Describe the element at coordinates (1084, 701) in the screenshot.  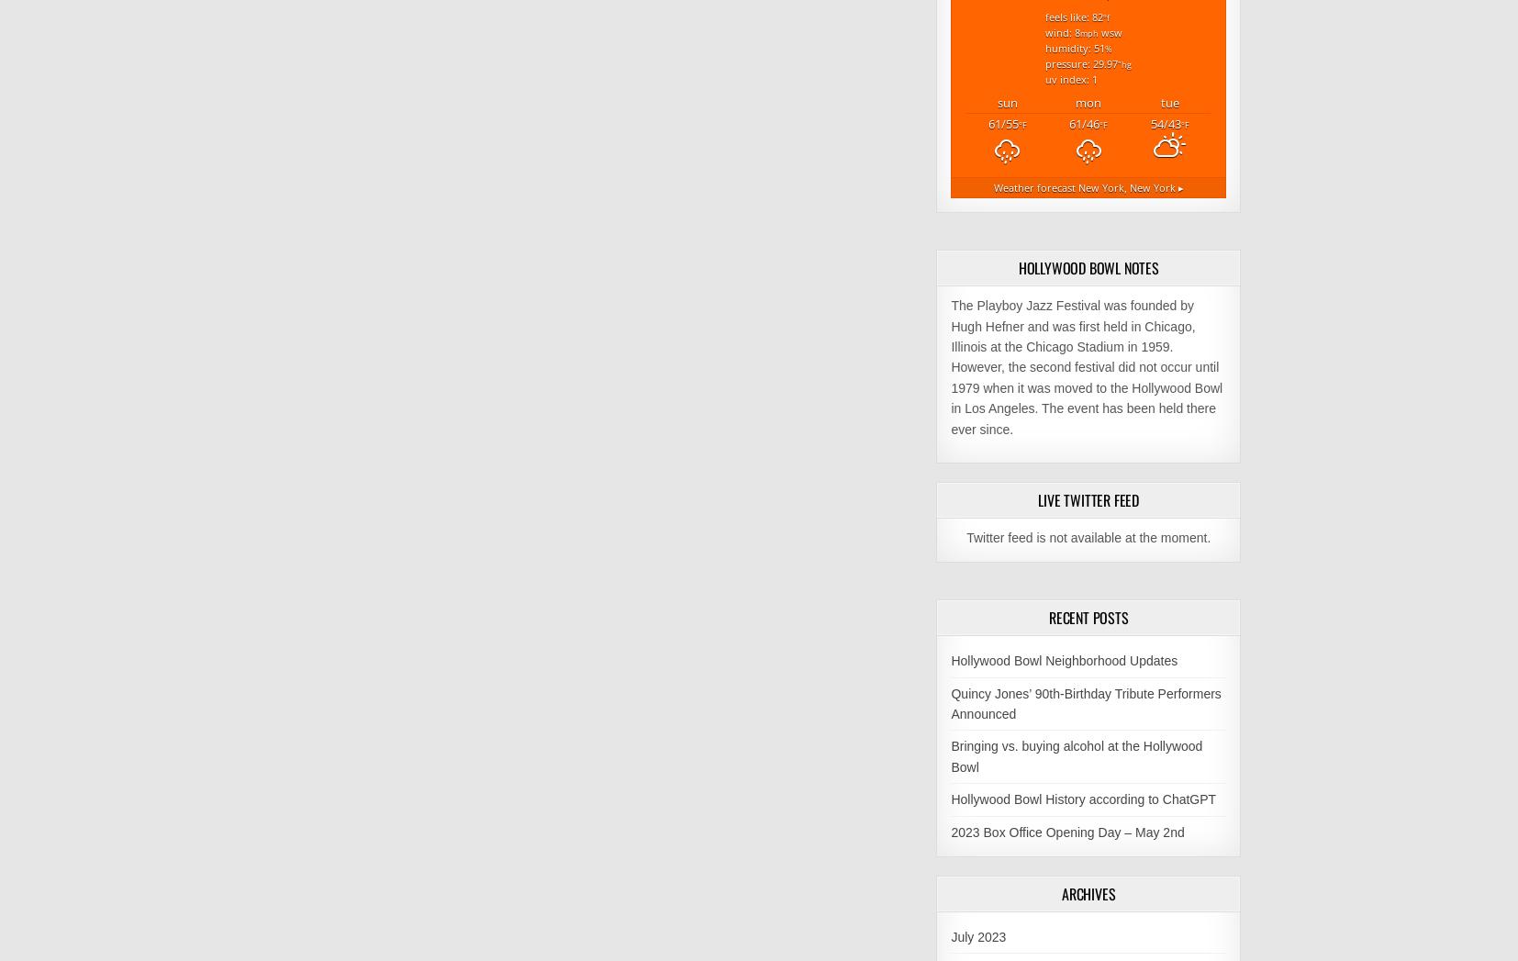
I see `'Quincy Jones’ 90th-Birthday Tribute Performers Announced'` at that location.